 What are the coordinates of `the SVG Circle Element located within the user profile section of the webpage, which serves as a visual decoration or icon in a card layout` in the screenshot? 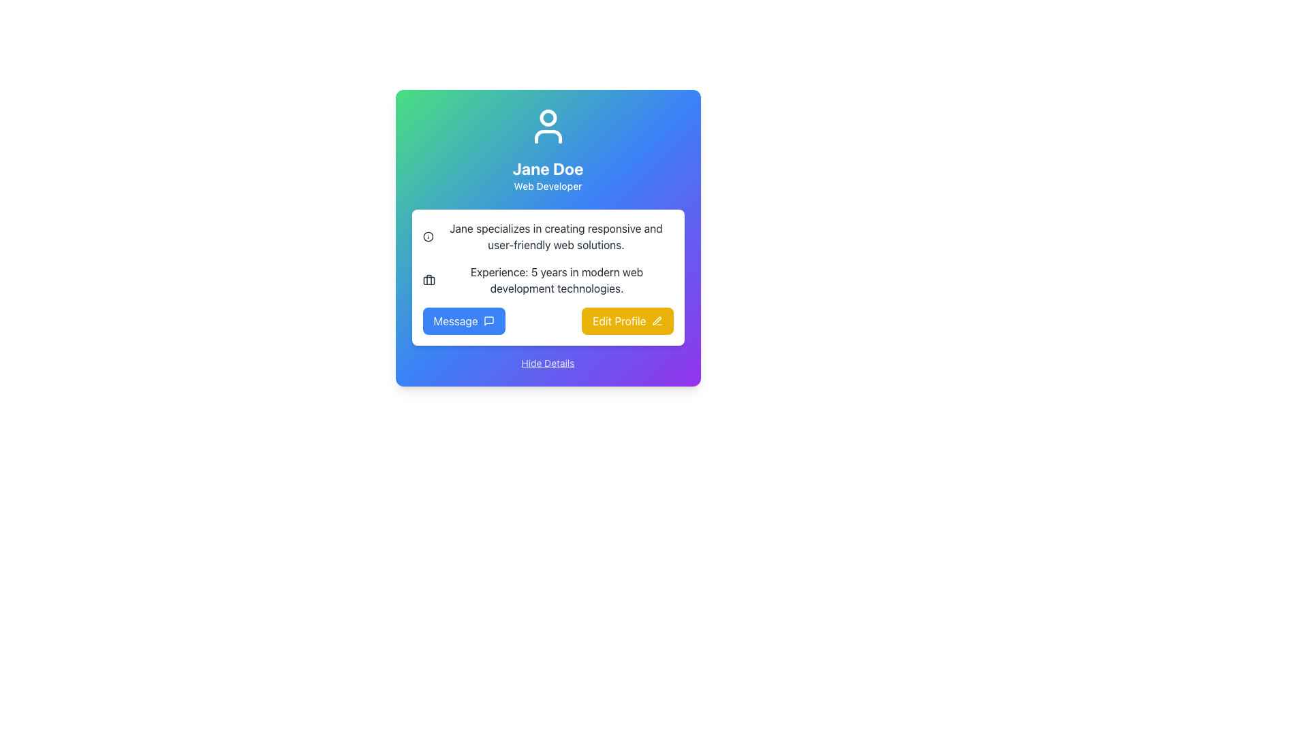 It's located at (427, 235).